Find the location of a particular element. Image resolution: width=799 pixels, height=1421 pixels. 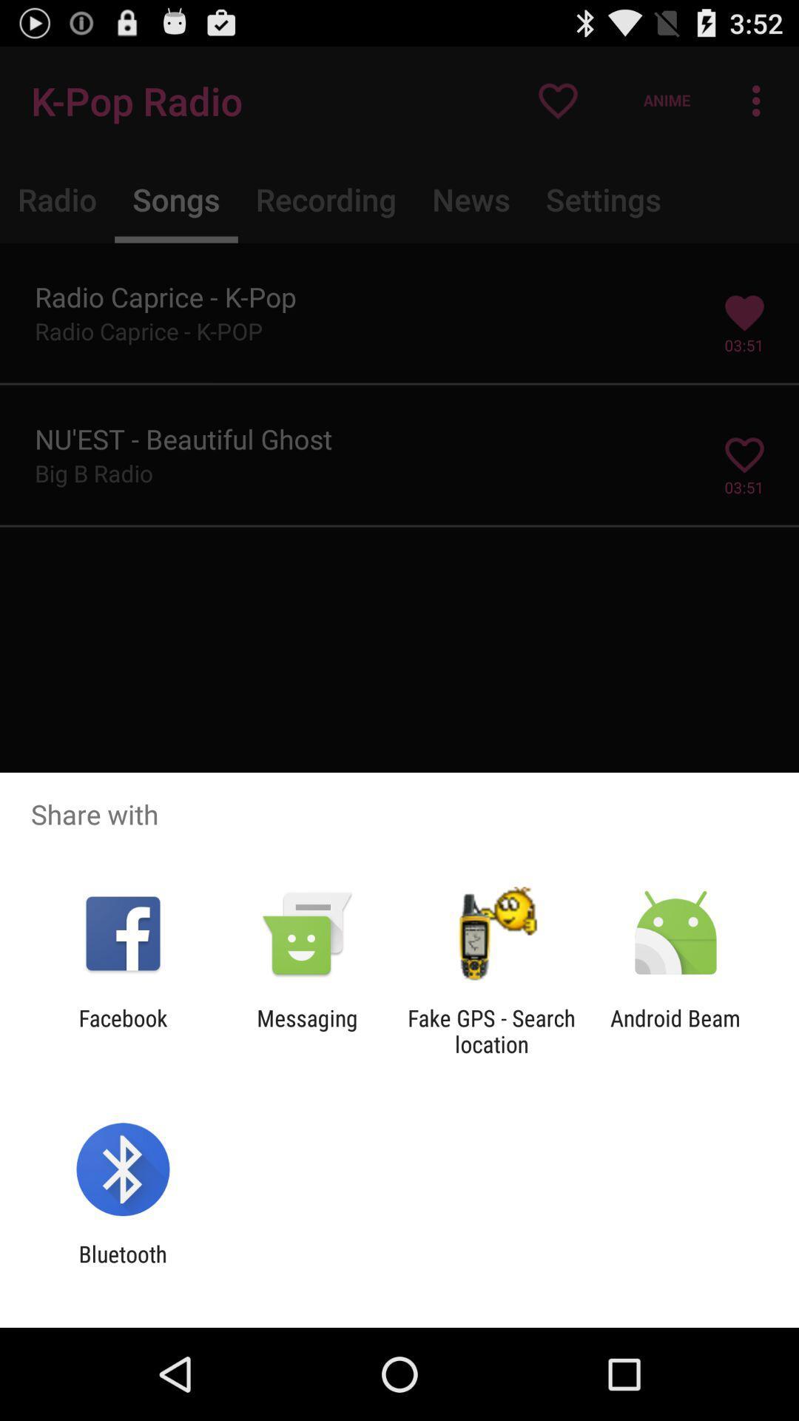

the app next to facebook item is located at coordinates (306, 1030).